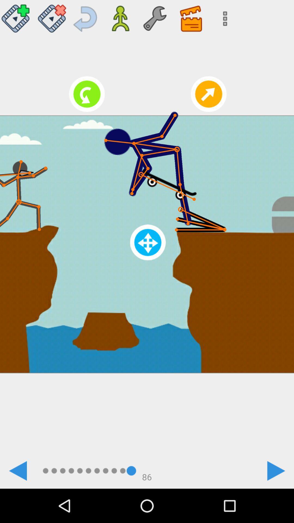  What do you see at coordinates (223, 16) in the screenshot?
I see `search` at bounding box center [223, 16].